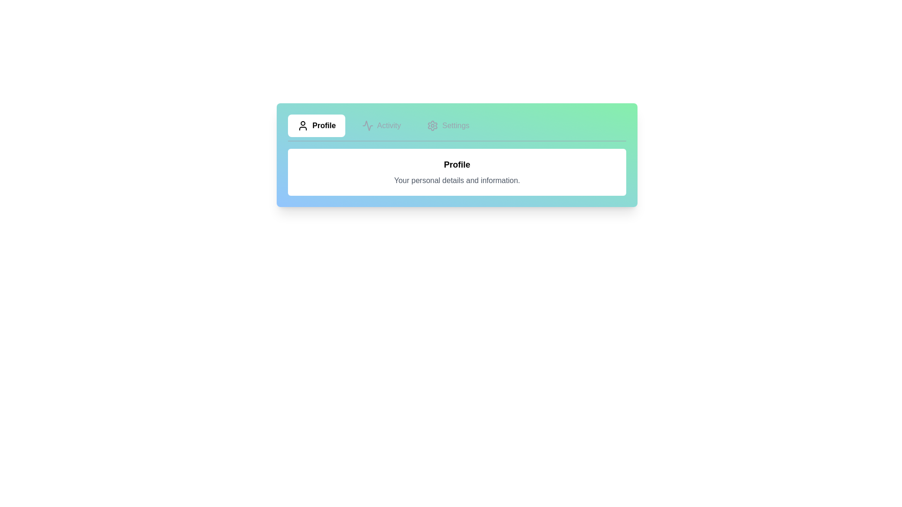 The height and width of the screenshot is (507, 902). Describe the element at coordinates (381, 125) in the screenshot. I see `the tab button labeled Activity` at that location.